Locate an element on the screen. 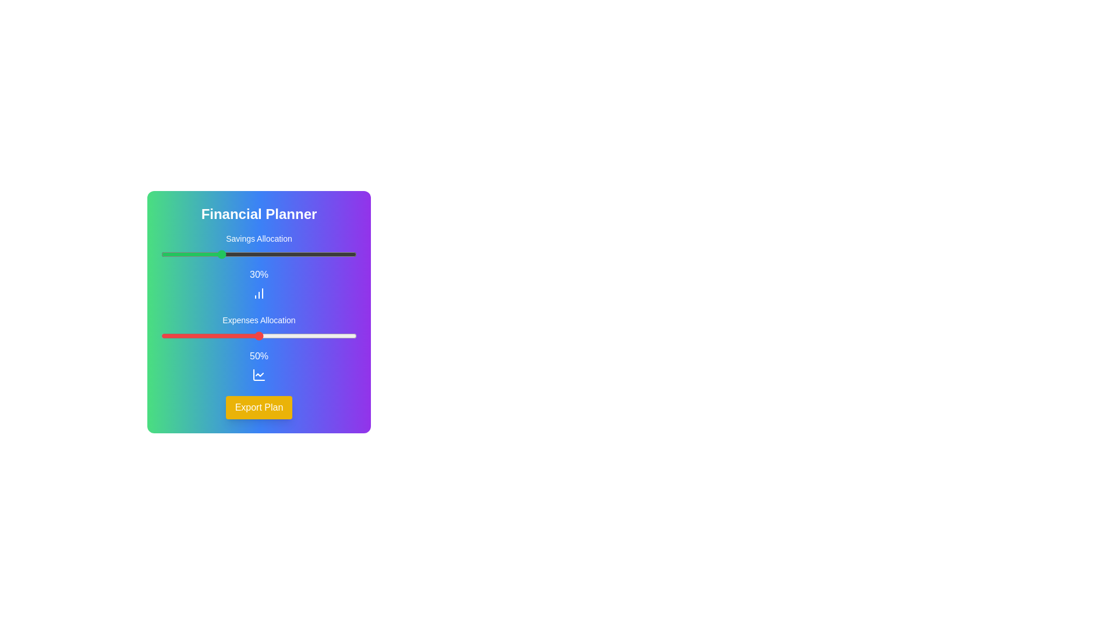 This screenshot has width=1118, height=629. the Expenses Allocation slider is located at coordinates (170, 336).